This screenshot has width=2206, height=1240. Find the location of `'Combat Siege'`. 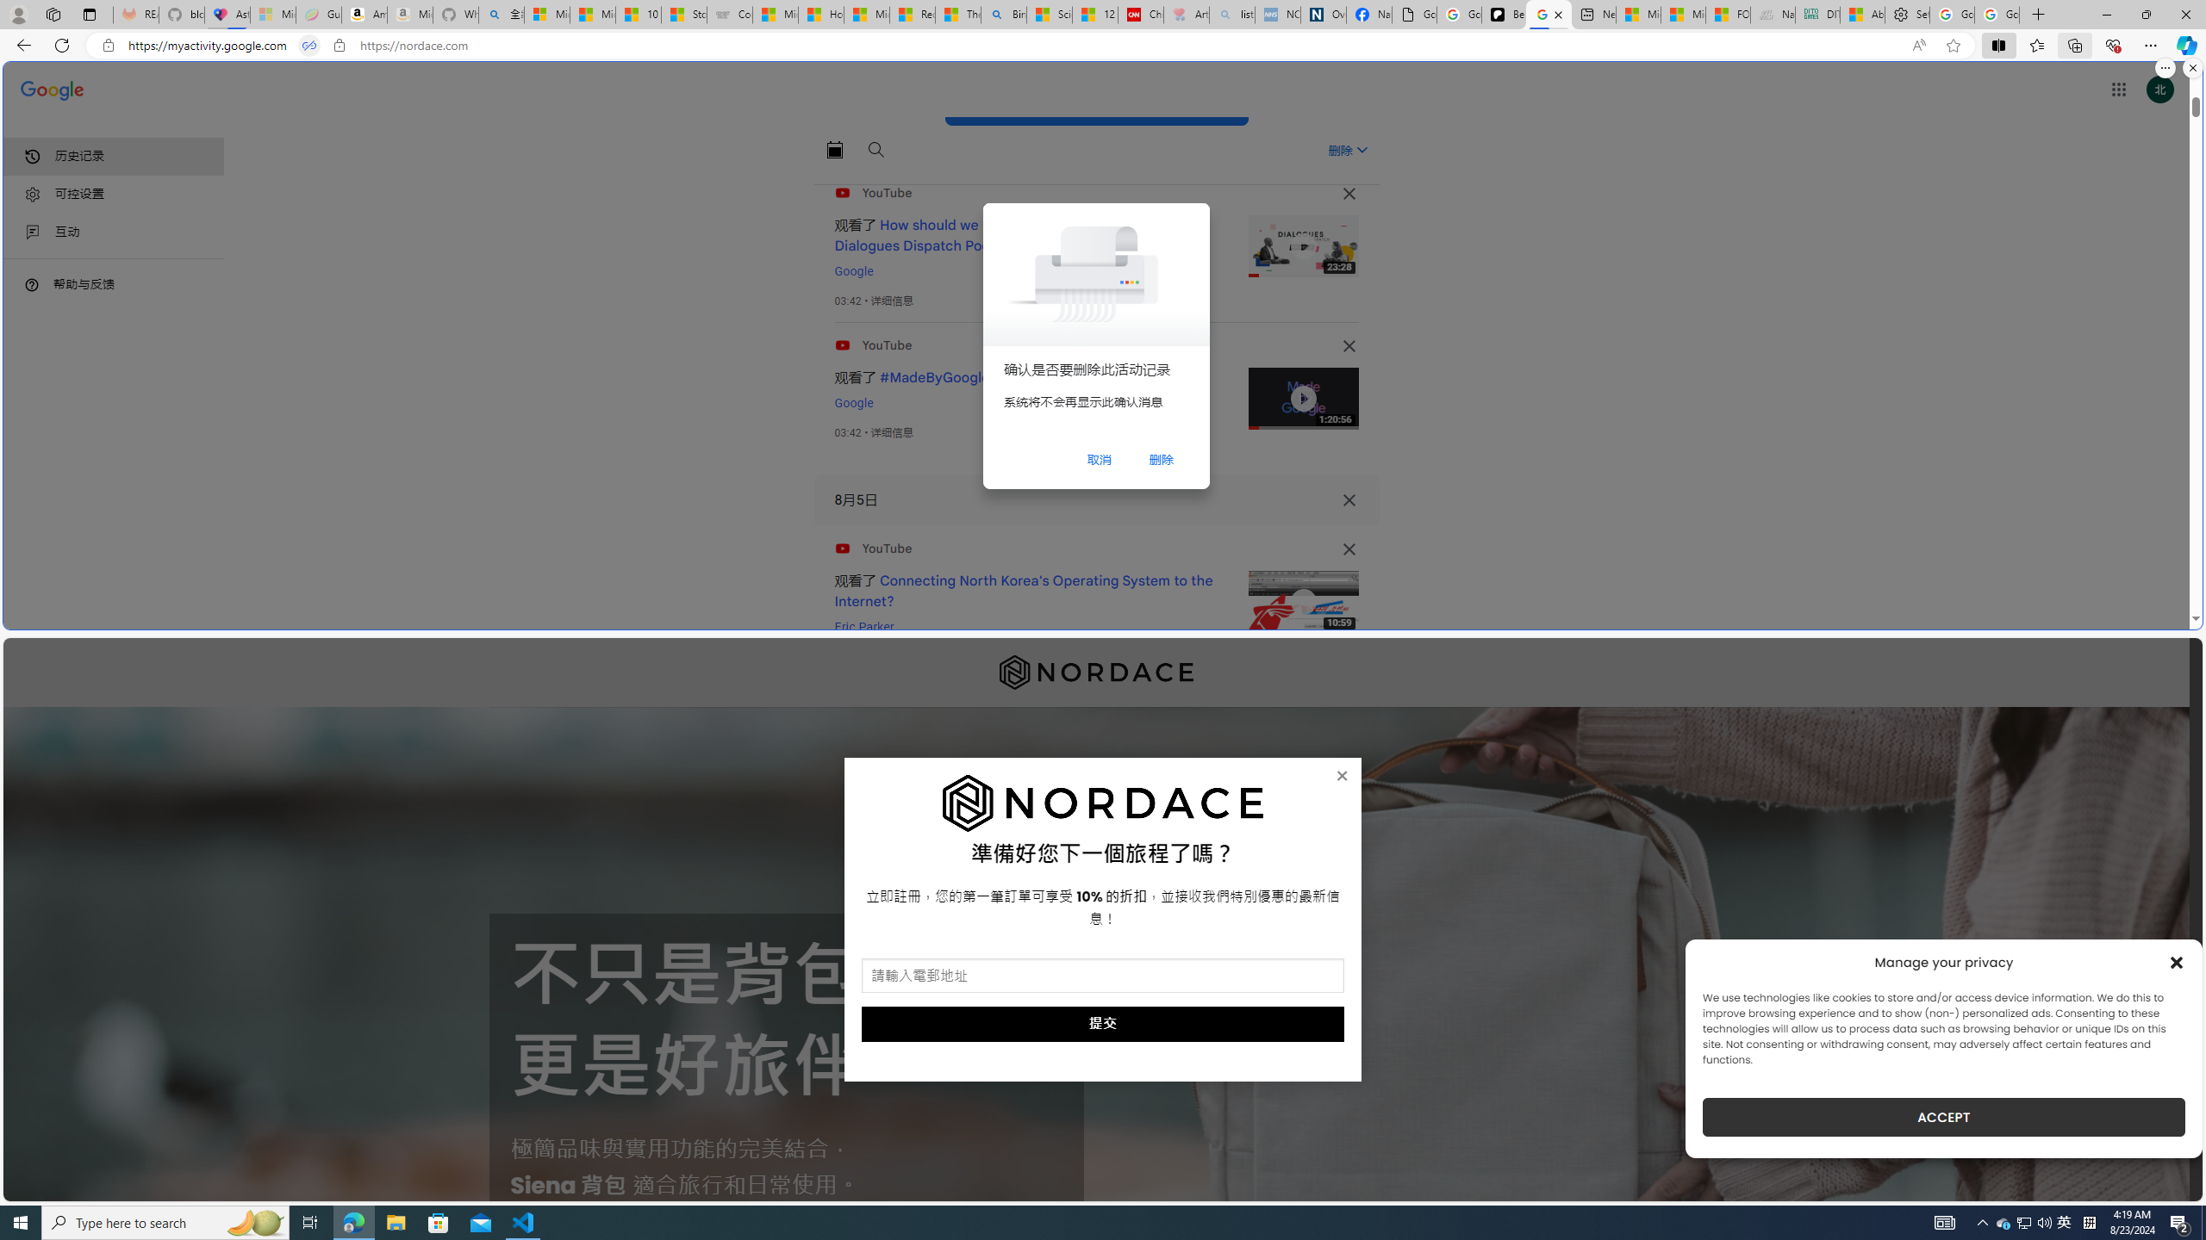

'Combat Siege' is located at coordinates (730, 14).